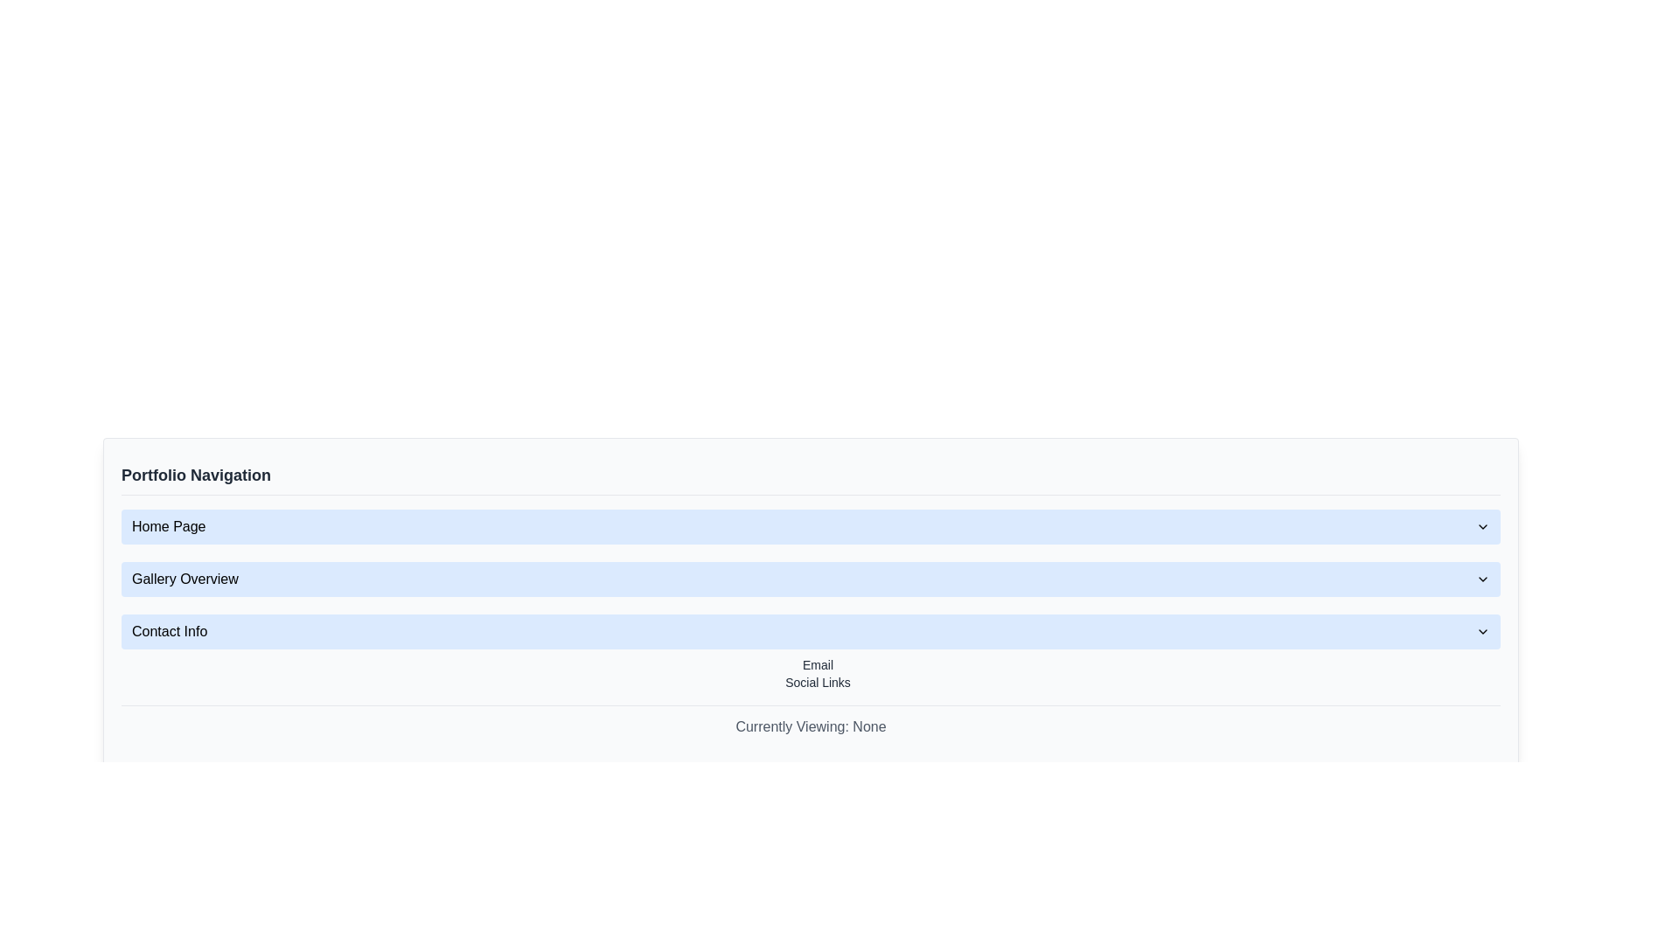 The height and width of the screenshot is (944, 1679). What do you see at coordinates (810, 653) in the screenshot?
I see `the 'Email' link within the Collapsible Section under 'Portfolio Navigation'` at bounding box center [810, 653].